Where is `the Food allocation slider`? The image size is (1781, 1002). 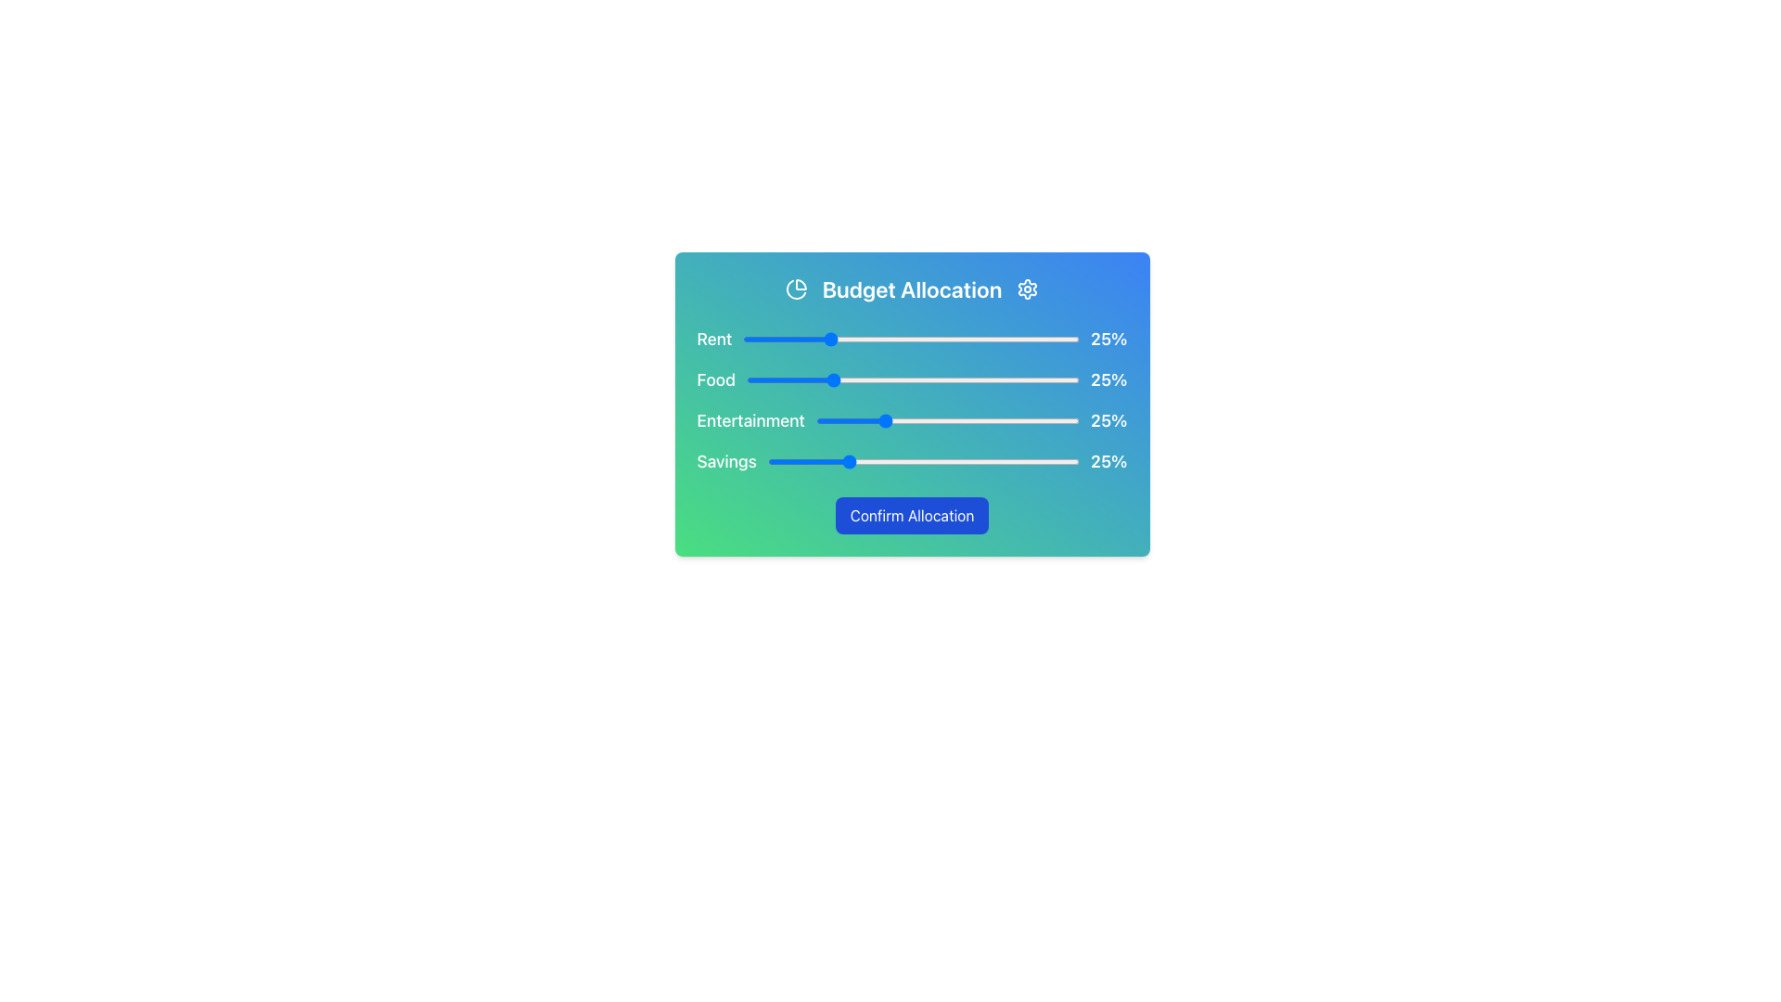 the Food allocation slider is located at coordinates (972, 379).